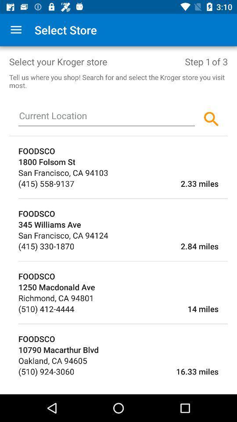 The width and height of the screenshot is (237, 422). Describe the element at coordinates (16, 30) in the screenshot. I see `the app to the left of select store item` at that location.